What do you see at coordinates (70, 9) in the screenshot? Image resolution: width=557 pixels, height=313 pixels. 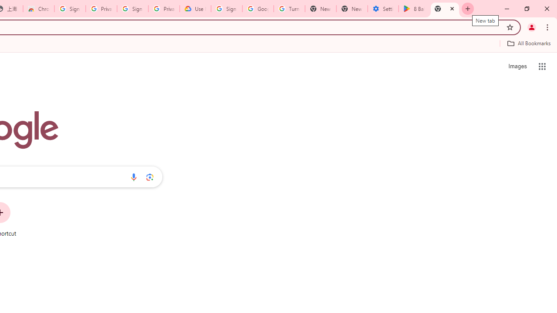 I see `'Sign in - Google Accounts'` at bounding box center [70, 9].